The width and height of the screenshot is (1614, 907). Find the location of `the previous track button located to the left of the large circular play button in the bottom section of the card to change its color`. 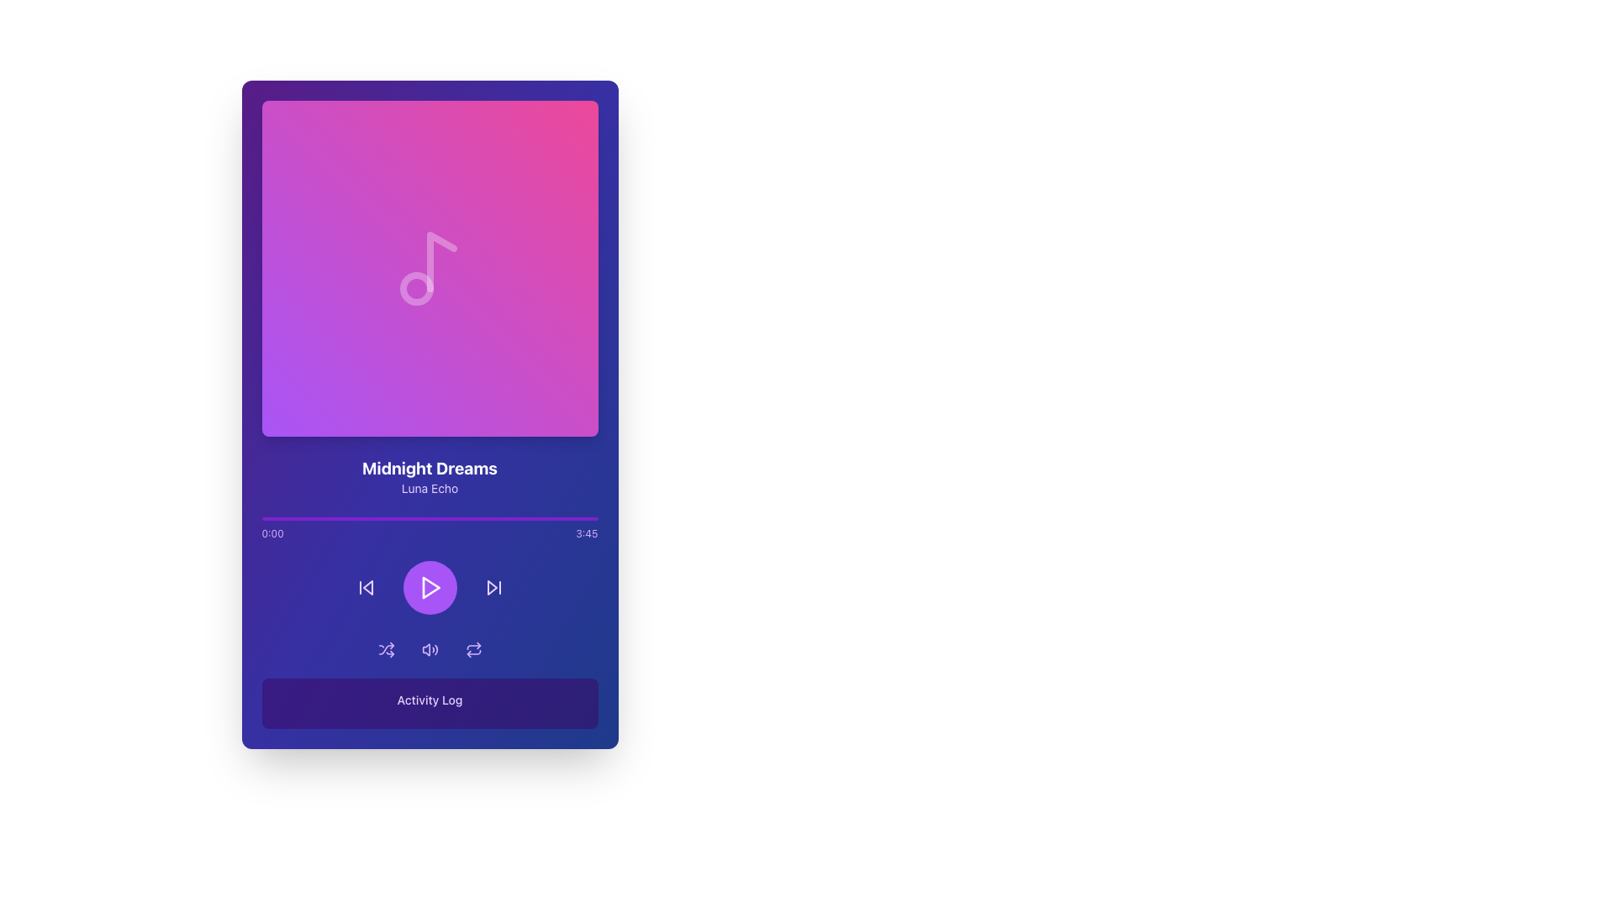

the previous track button located to the left of the large circular play button in the bottom section of the card to change its color is located at coordinates (365, 586).